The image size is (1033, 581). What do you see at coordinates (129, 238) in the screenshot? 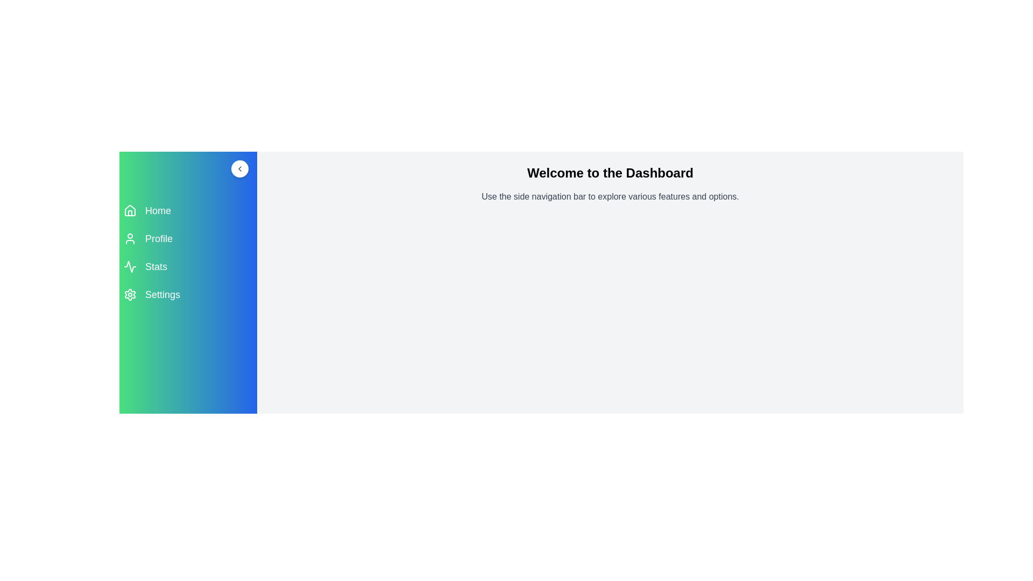
I see `the 'Profile' navigation option icon` at bounding box center [129, 238].